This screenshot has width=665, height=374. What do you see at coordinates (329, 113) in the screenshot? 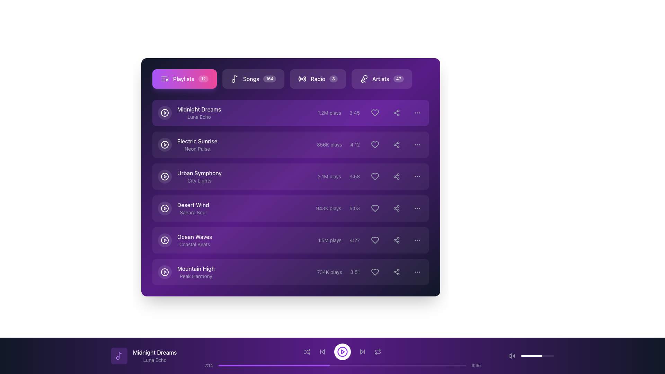
I see `the static text that displays the play count for the associated audio track, which is the leftmost text in the first list item of the playlist view, positioned before the '3:45' duration text` at bounding box center [329, 113].